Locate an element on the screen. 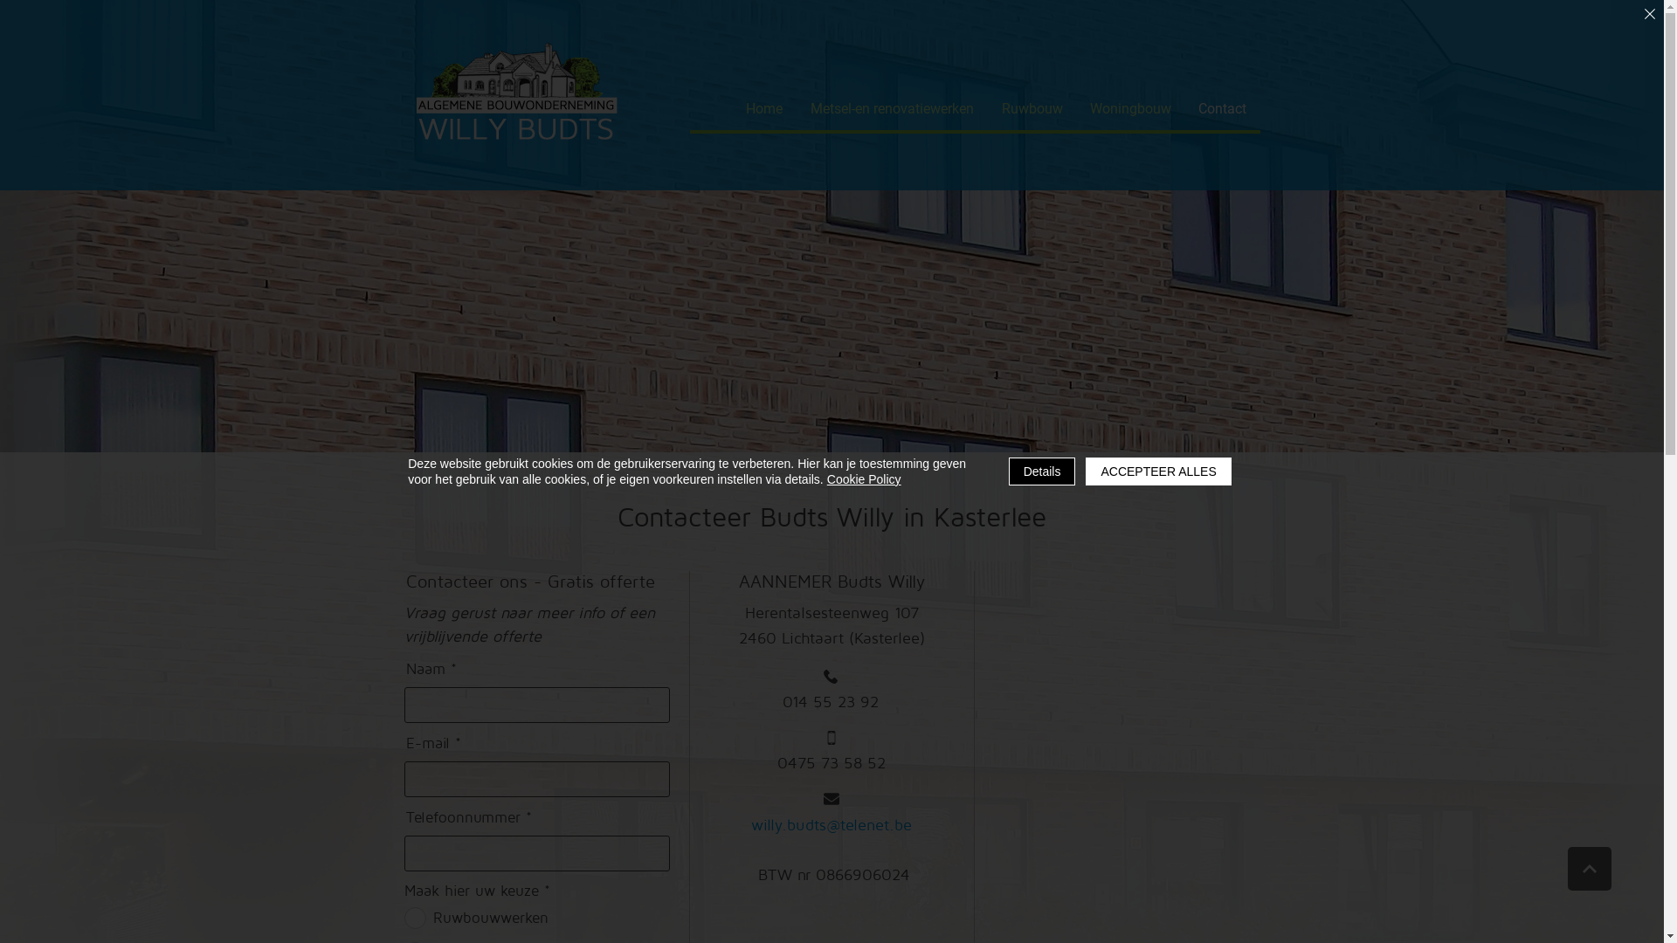 The height and width of the screenshot is (943, 1677). 'Home' is located at coordinates (763, 108).